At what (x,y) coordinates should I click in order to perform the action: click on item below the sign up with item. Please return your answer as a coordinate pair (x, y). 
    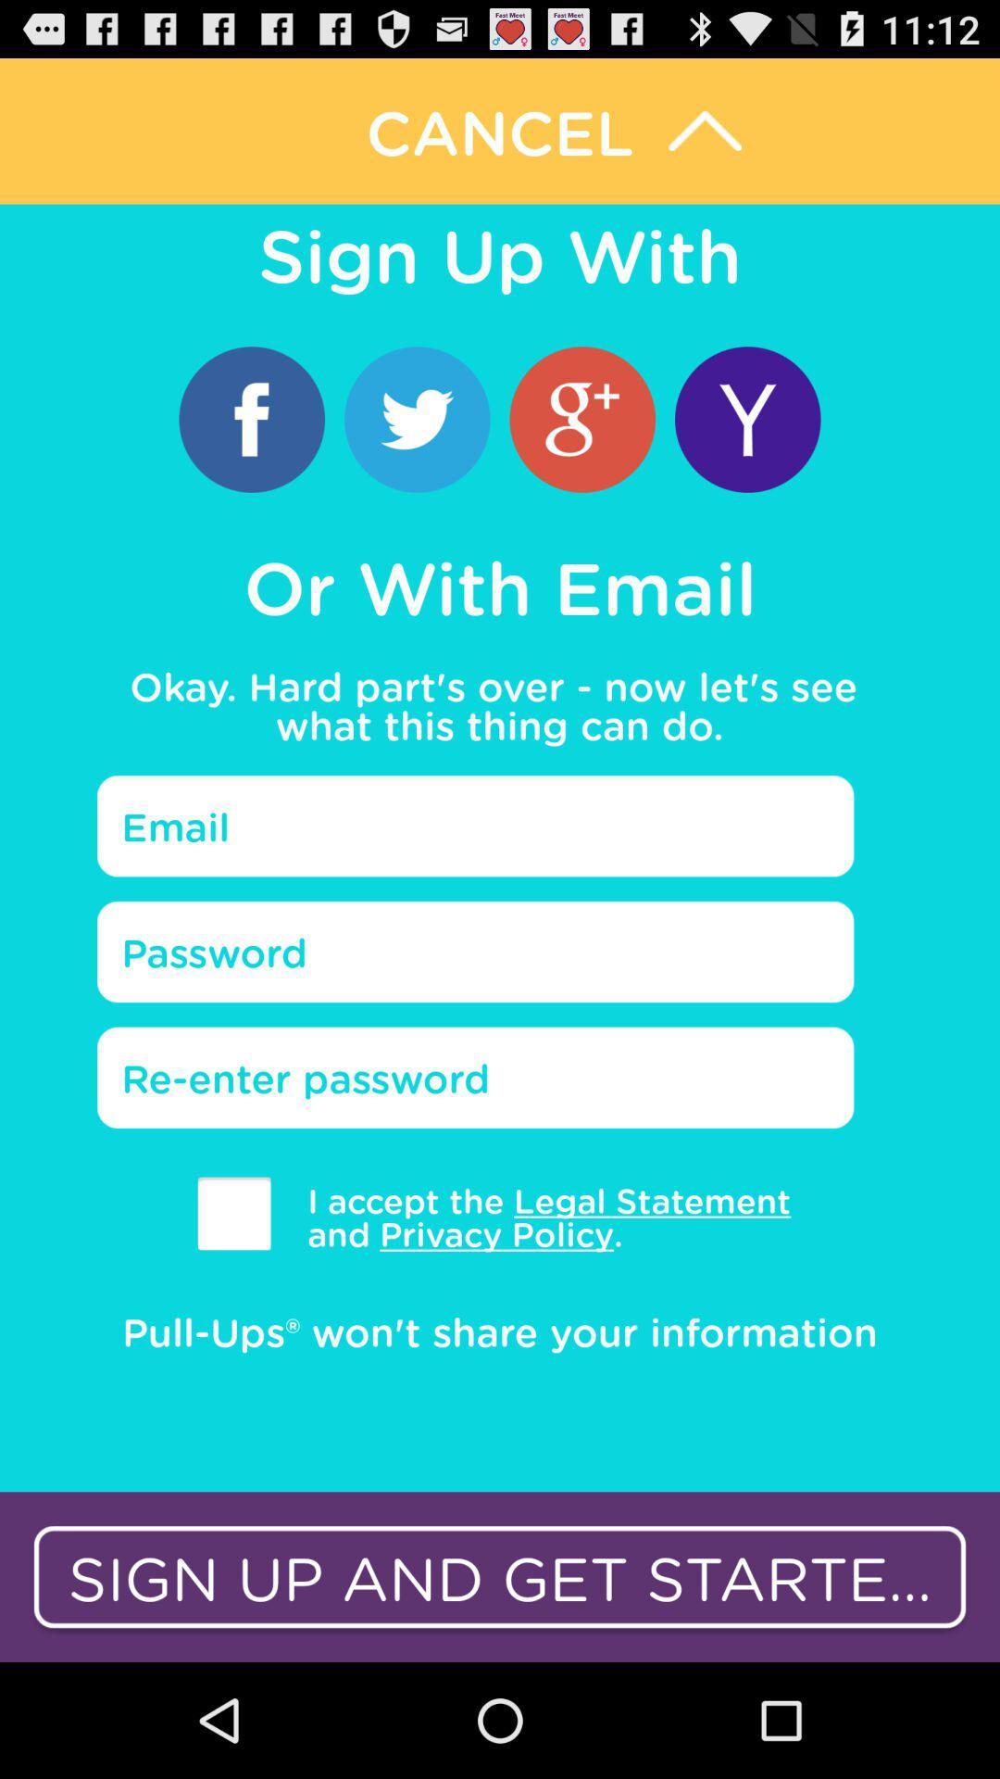
    Looking at the image, I should click on (581, 418).